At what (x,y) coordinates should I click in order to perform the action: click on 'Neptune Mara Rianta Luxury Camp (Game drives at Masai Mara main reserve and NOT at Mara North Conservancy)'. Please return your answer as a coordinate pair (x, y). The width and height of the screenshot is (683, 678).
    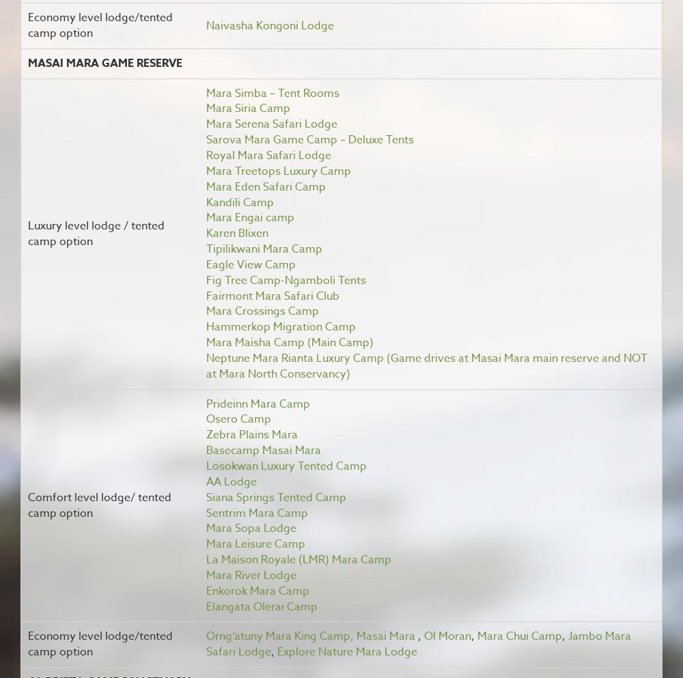
    Looking at the image, I should click on (426, 365).